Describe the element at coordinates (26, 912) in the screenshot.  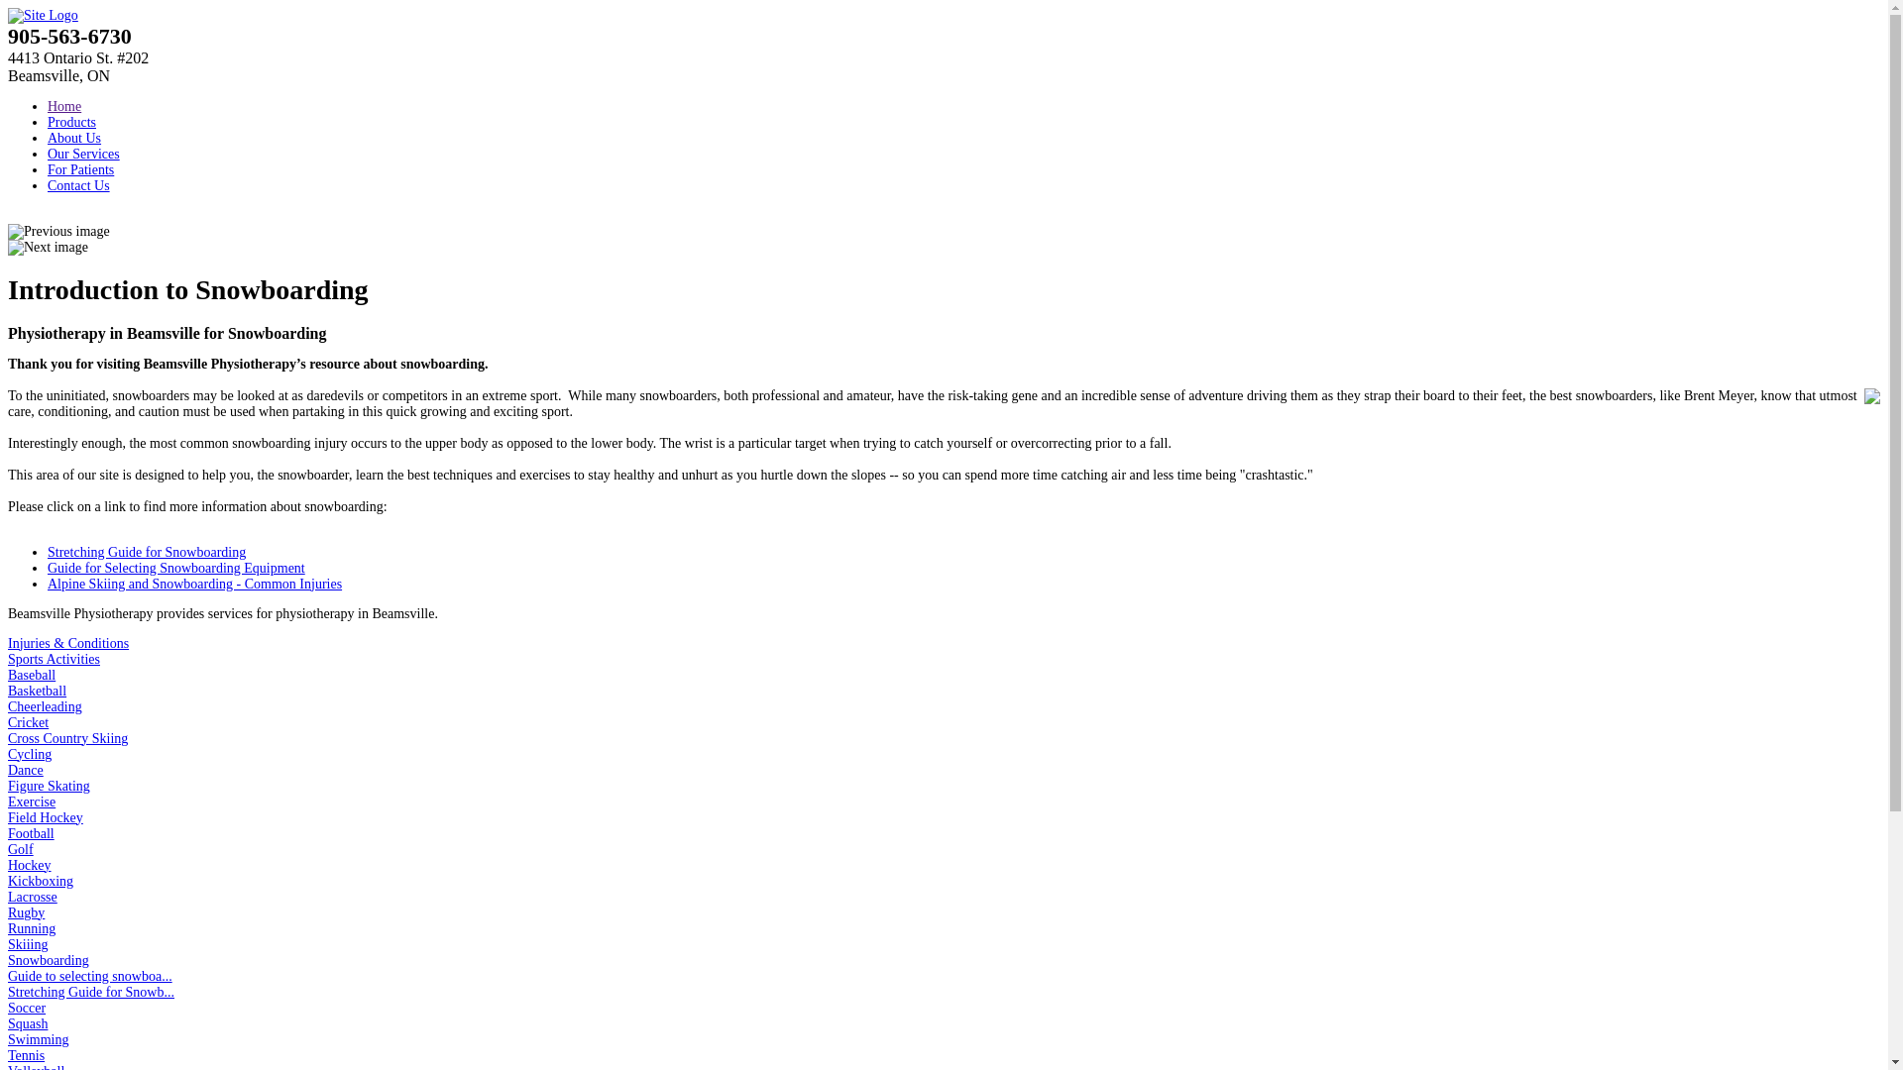
I see `'Rugby'` at that location.